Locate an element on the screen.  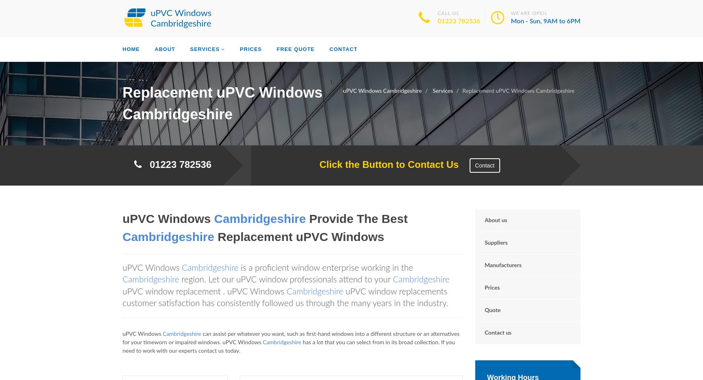
'Replacement uPVC Windows Cambridgeshire' is located at coordinates (222, 103).